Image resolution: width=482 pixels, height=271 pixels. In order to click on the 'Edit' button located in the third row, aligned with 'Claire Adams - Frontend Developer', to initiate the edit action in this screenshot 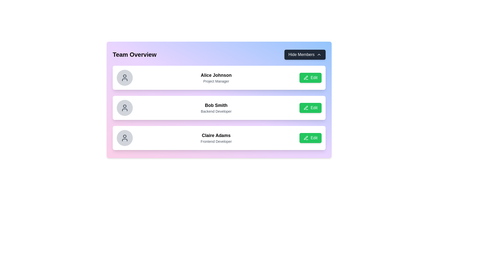, I will do `click(314, 138)`.